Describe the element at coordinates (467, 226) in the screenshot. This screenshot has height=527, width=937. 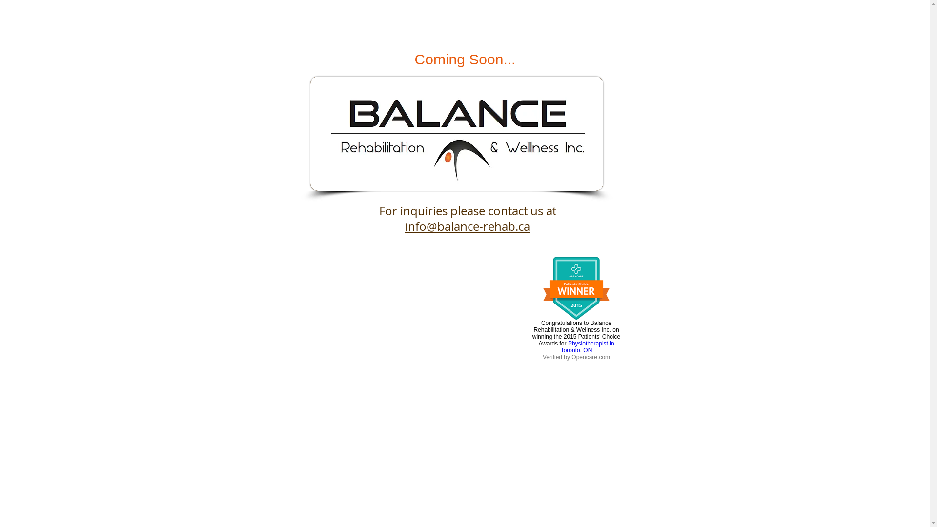
I see `'info@balance-rehab.ca'` at that location.